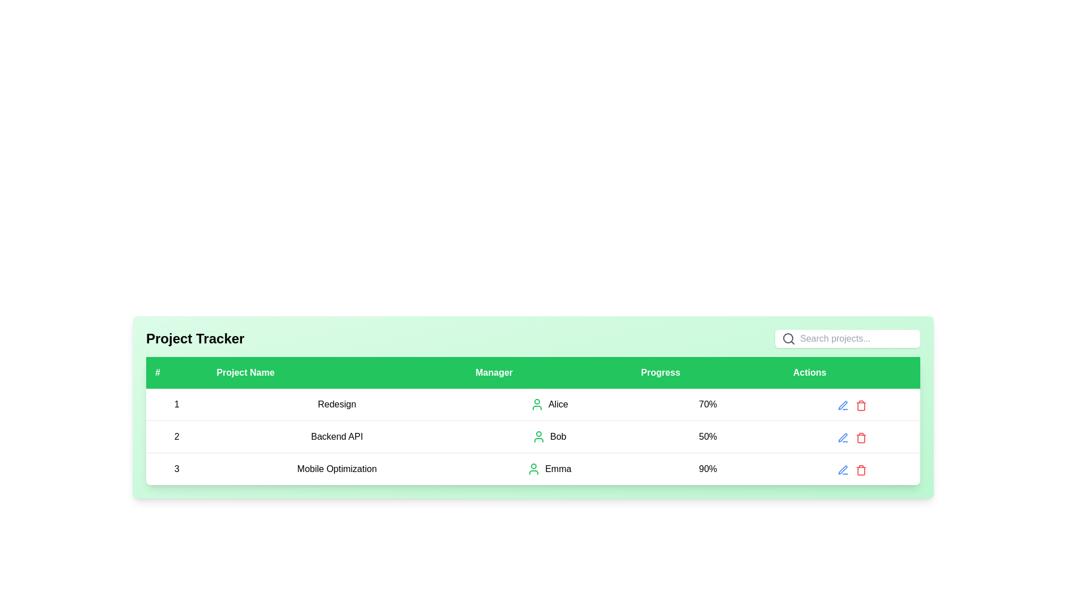  I want to click on the text label representing the project name in the third row of the main table under the 'Project Name' column, so click(336, 469).